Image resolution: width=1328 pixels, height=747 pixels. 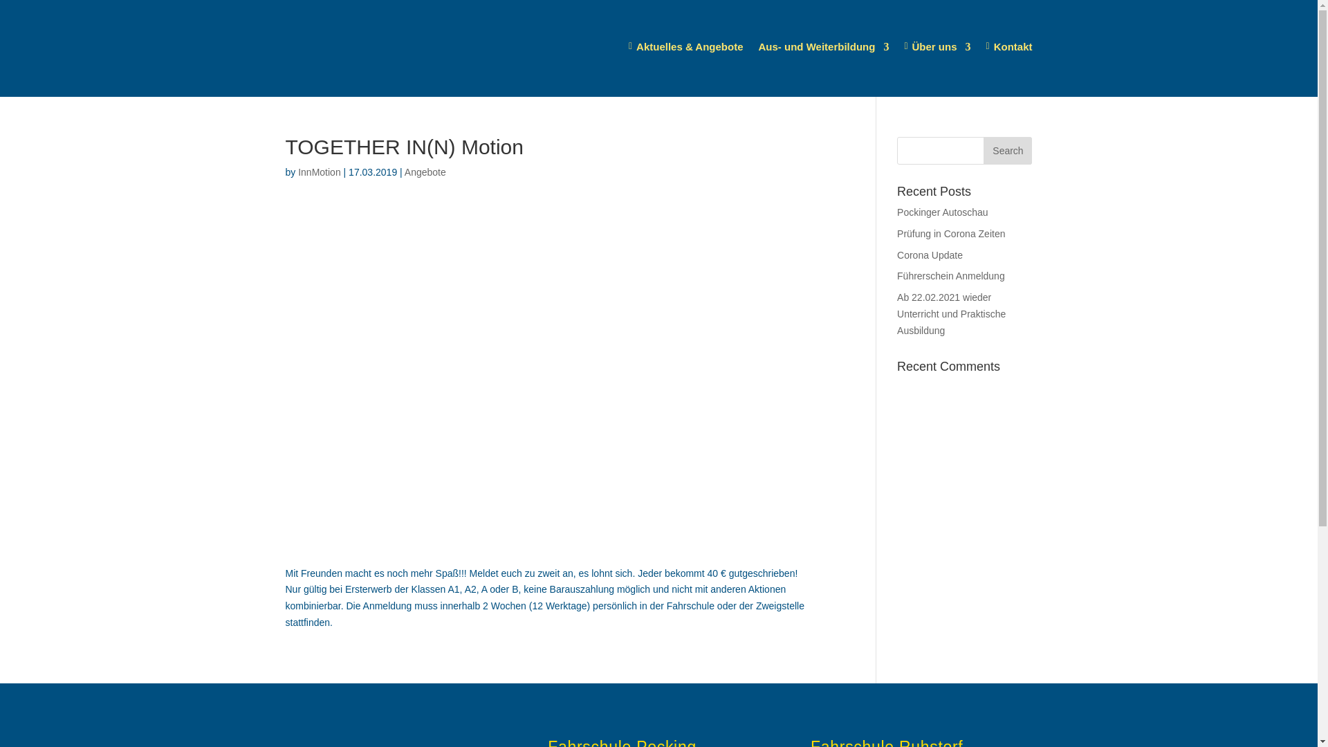 What do you see at coordinates (1009, 46) in the screenshot?
I see `'Kontakt'` at bounding box center [1009, 46].